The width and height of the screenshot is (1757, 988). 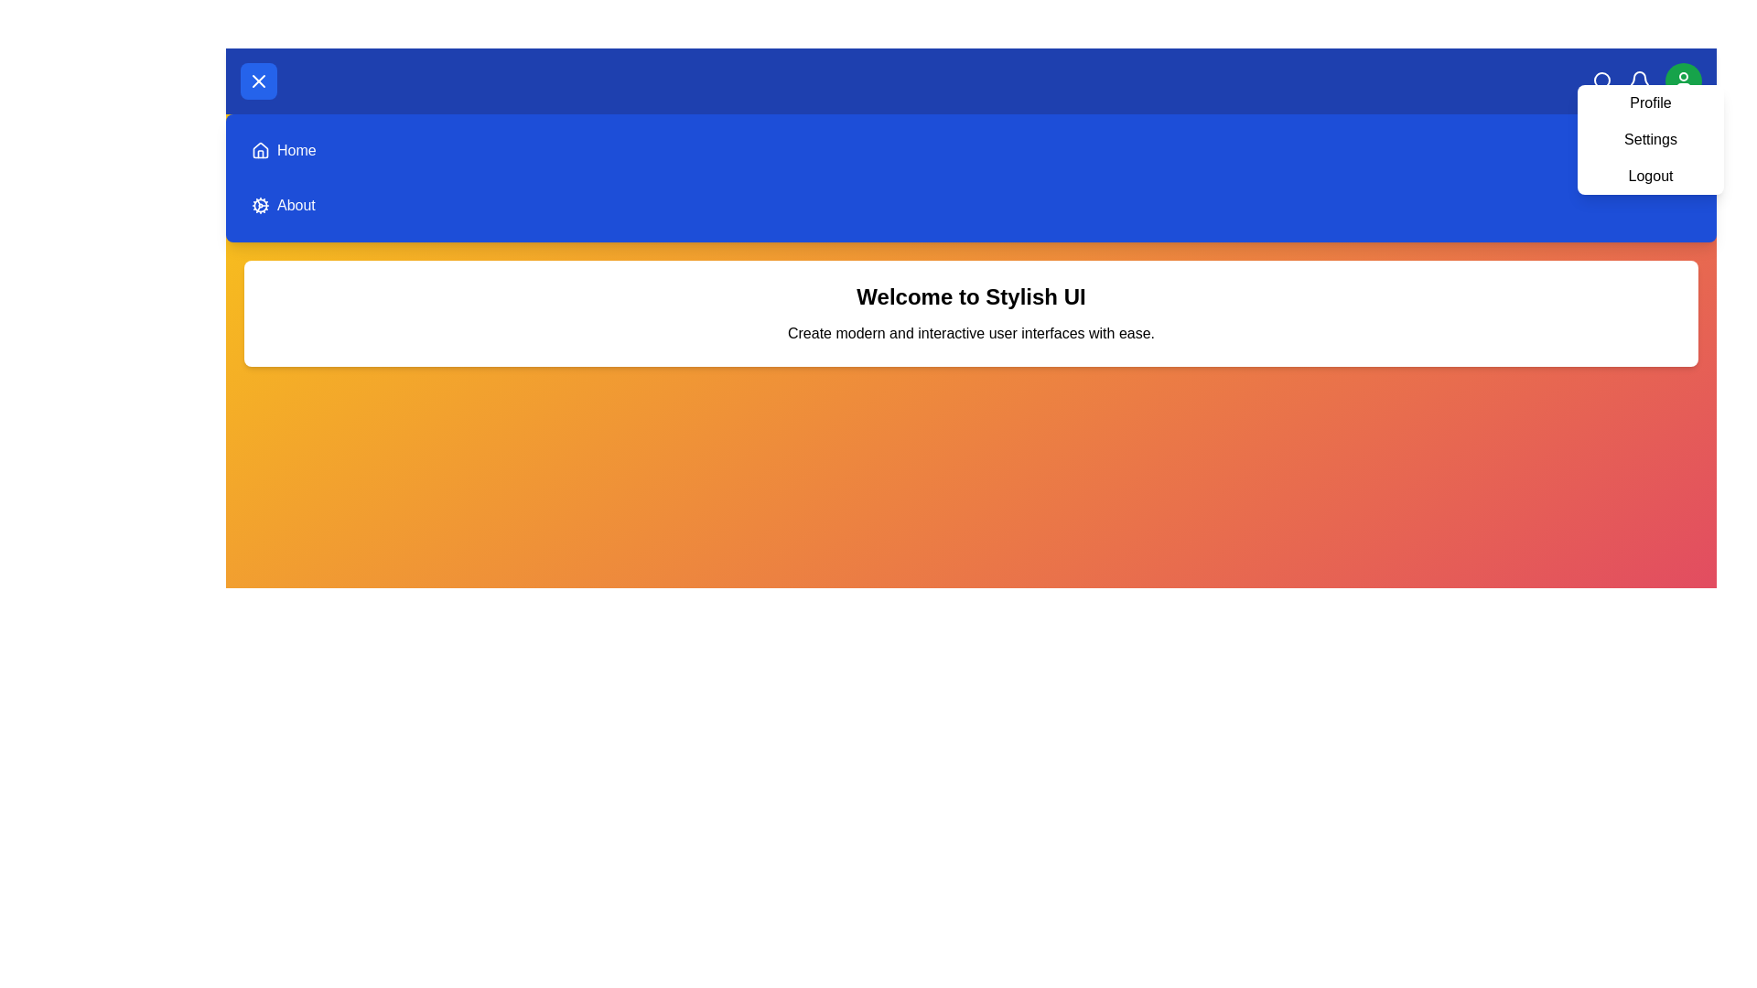 What do you see at coordinates (275, 194) in the screenshot?
I see `the menu option About to navigate` at bounding box center [275, 194].